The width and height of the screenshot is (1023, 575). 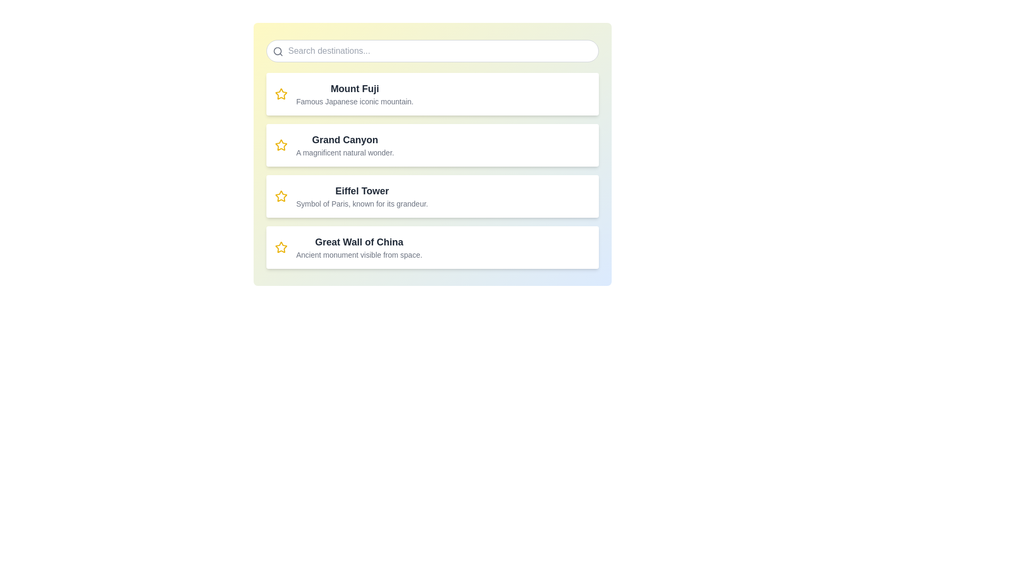 I want to click on the search icon located on the left side inside the search box, which visually represents the search action for the accompanying input field labeled 'Search destinations...', so click(x=278, y=51).